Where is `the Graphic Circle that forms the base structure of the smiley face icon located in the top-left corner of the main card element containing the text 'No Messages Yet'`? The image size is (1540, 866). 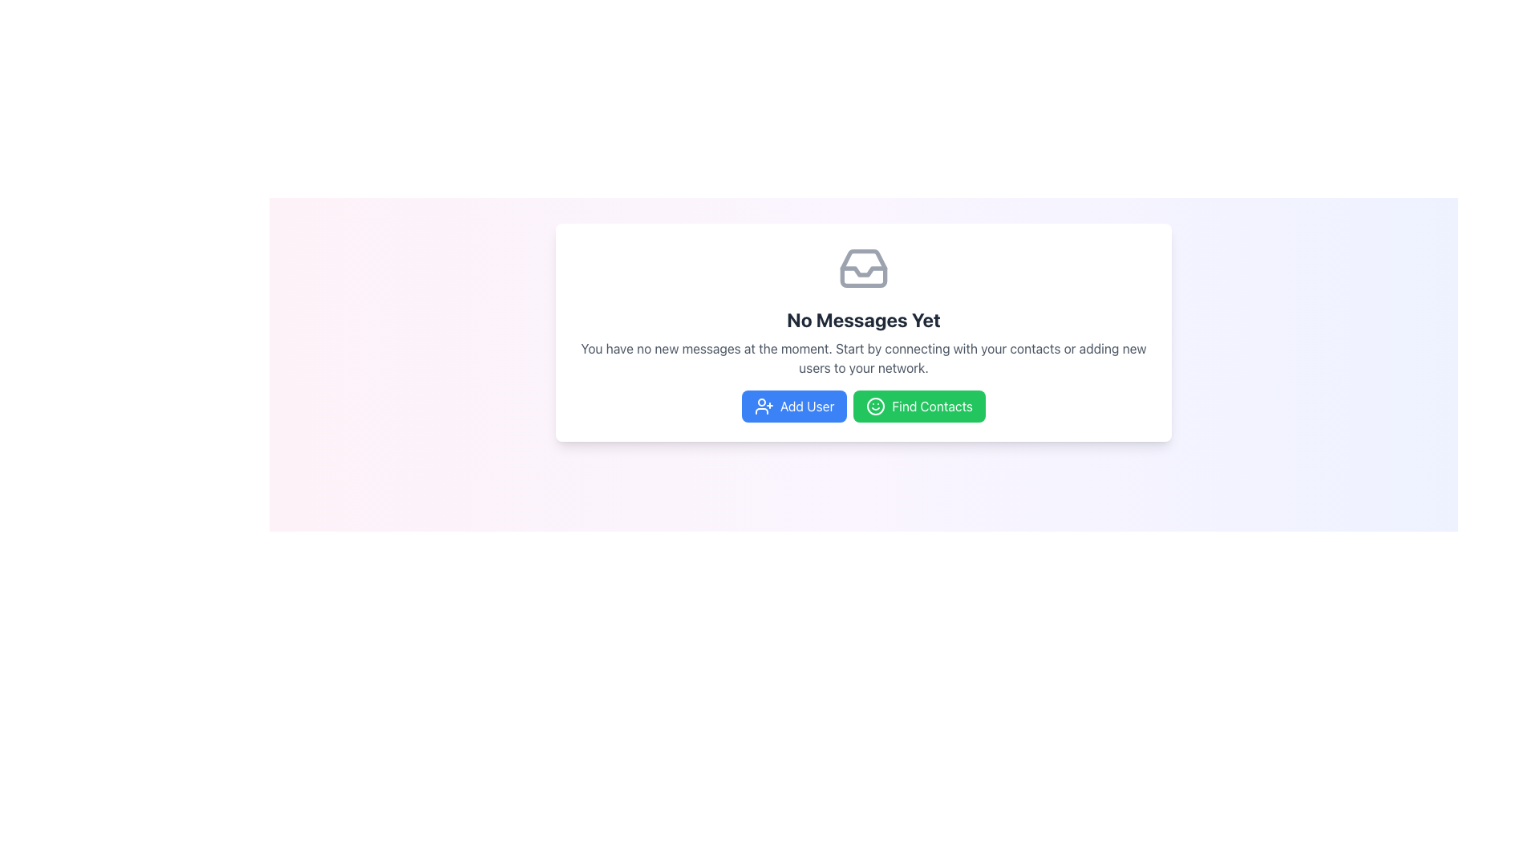
the Graphic Circle that forms the base structure of the smiley face icon located in the top-left corner of the main card element containing the text 'No Messages Yet' is located at coordinates (875, 405).